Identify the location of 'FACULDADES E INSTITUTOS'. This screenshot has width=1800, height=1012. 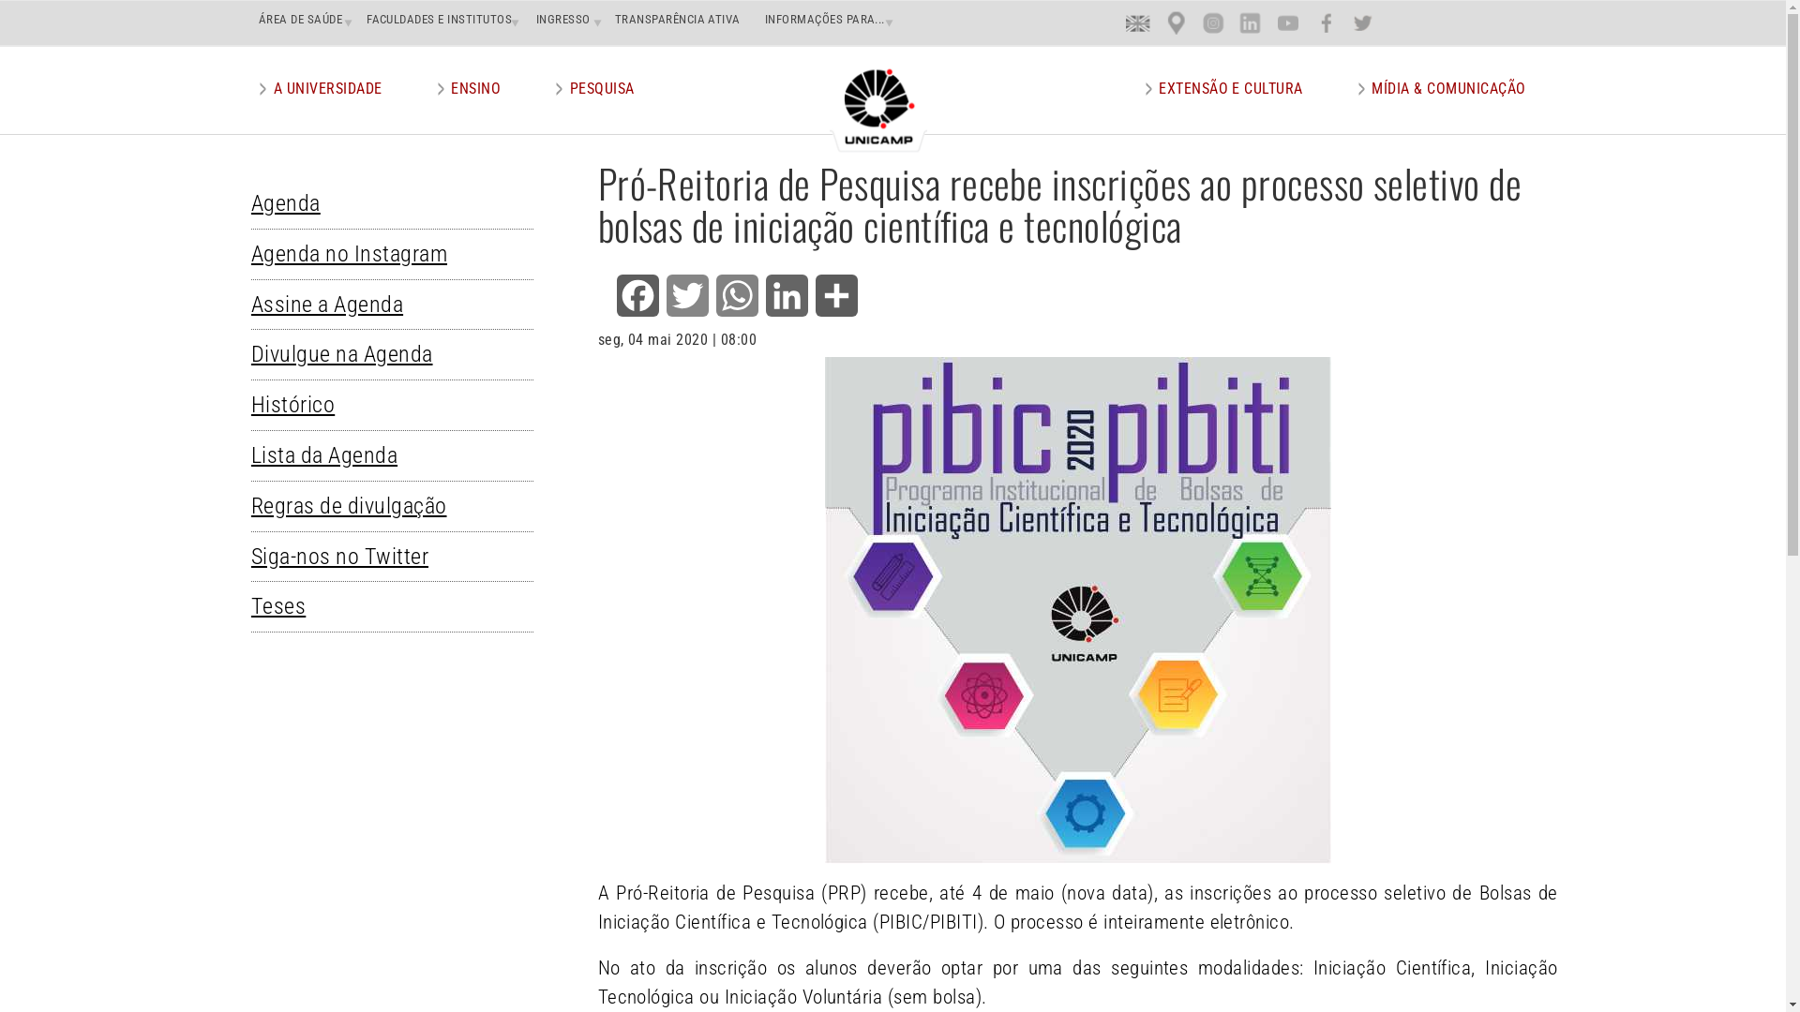
(359, 19).